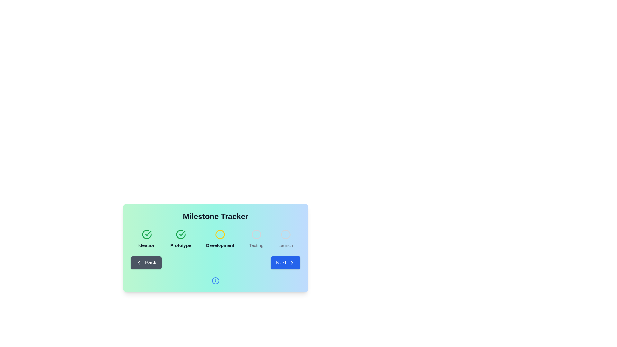 The width and height of the screenshot is (617, 347). What do you see at coordinates (285, 245) in the screenshot?
I see `the 'Launch' milestone label, which is the last in the sequence of milestone indicators, positioned directly underneath its corresponding icon` at bounding box center [285, 245].